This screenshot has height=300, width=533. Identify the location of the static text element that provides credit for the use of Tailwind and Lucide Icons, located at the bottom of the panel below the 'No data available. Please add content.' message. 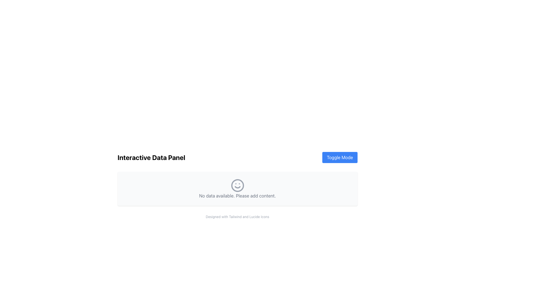
(237, 216).